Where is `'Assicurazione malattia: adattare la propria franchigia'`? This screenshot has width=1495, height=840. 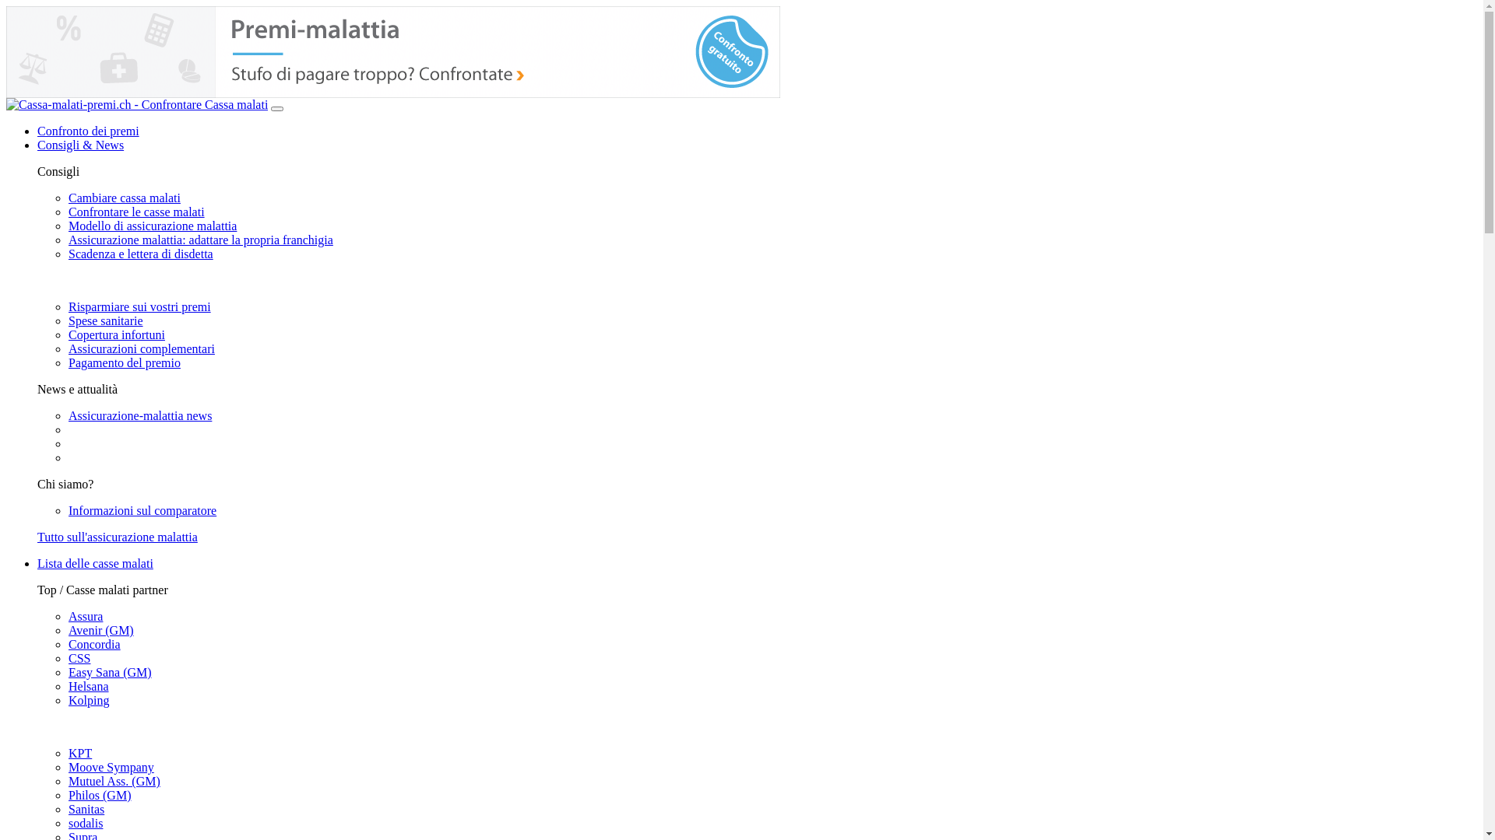 'Assicurazione malattia: adattare la propria franchigia' is located at coordinates (200, 240).